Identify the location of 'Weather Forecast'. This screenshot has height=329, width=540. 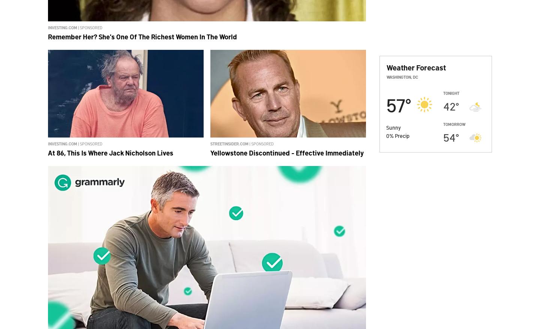
(415, 67).